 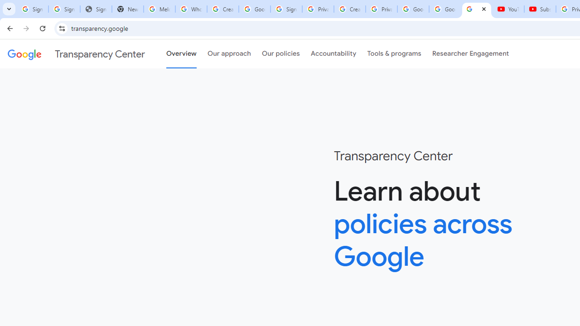 I want to click on 'Create your Google Account', so click(x=223, y=9).